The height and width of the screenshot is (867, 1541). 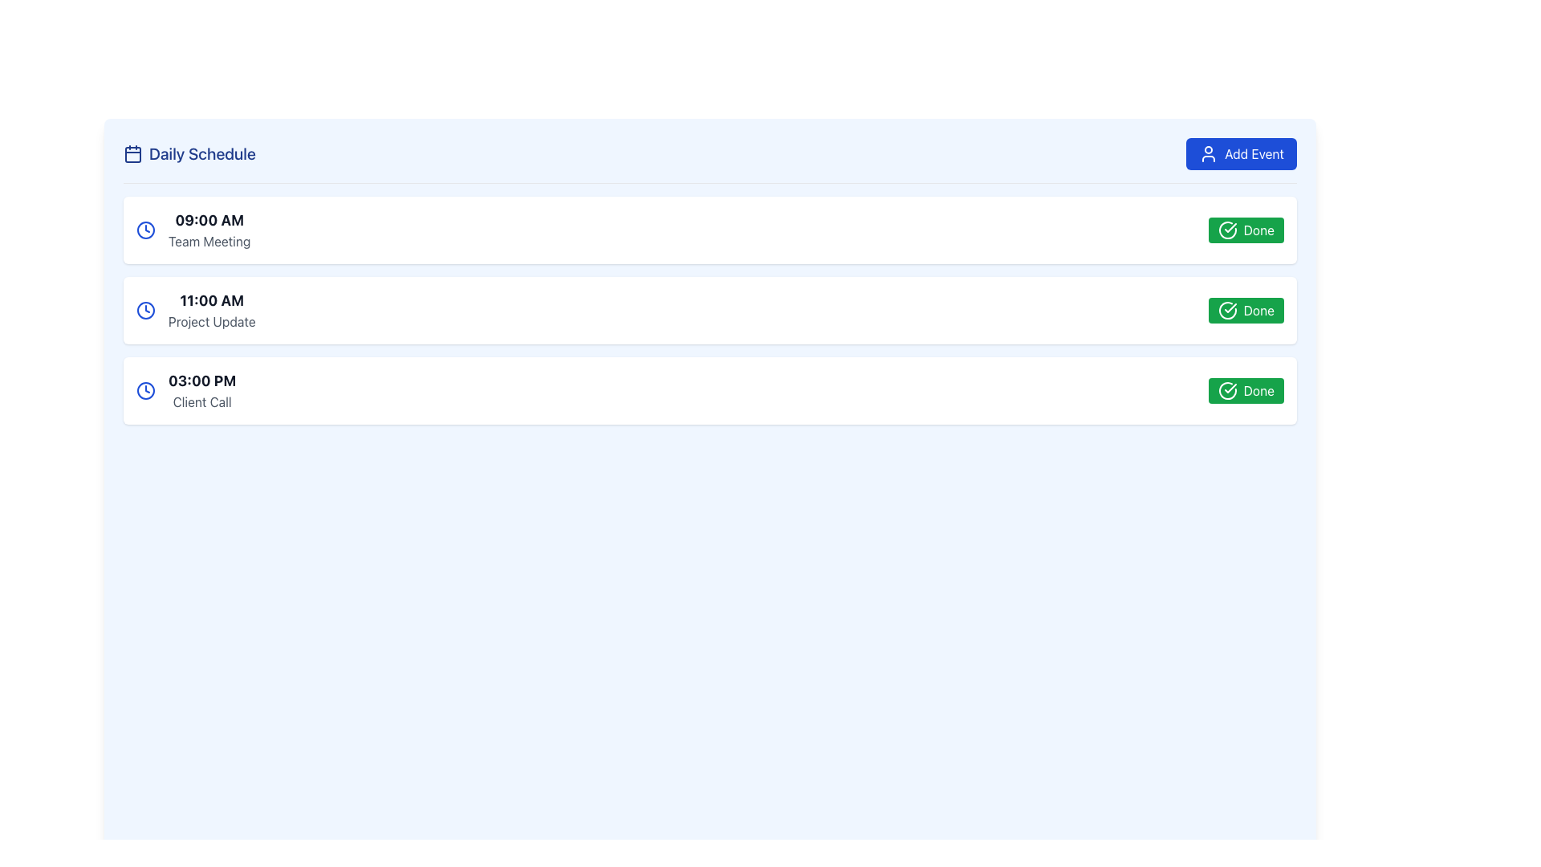 I want to click on the informational display for the event entry showing '03:00 PM Client Call', which is the third item in a vertically aligned list of events, so click(x=201, y=390).